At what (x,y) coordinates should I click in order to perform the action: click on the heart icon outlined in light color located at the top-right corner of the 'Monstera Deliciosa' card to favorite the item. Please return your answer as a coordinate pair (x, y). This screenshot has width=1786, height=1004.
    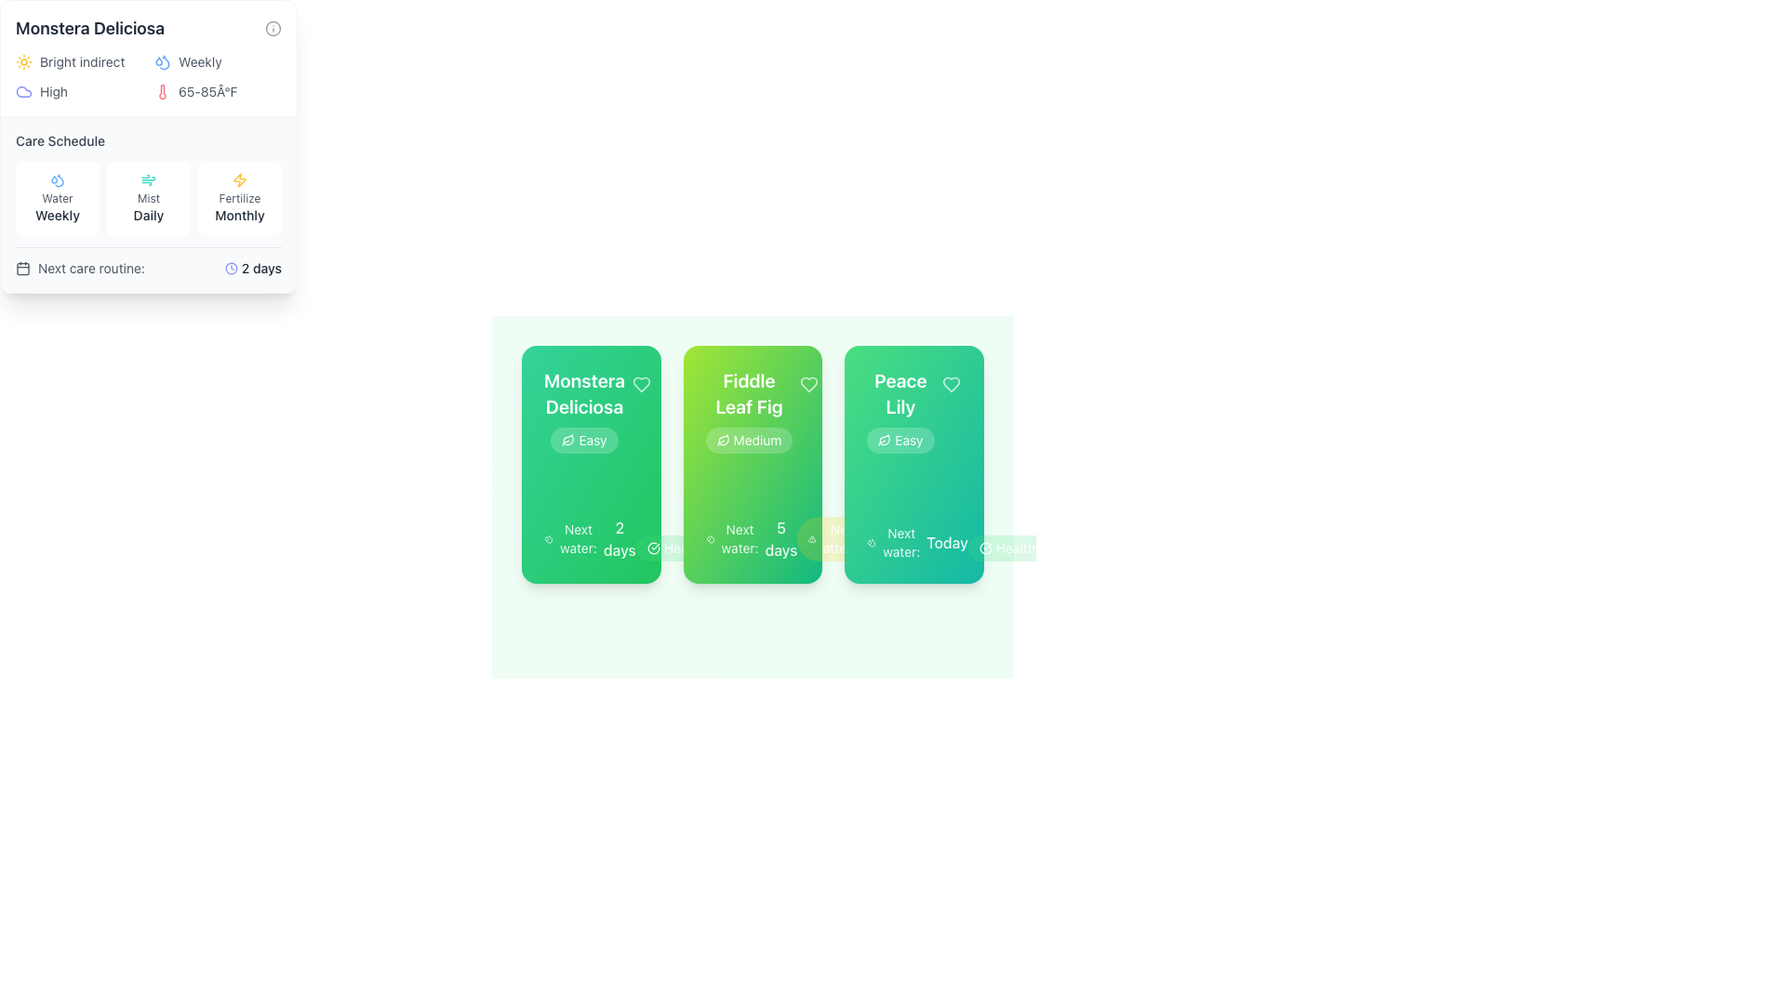
    Looking at the image, I should click on (642, 383).